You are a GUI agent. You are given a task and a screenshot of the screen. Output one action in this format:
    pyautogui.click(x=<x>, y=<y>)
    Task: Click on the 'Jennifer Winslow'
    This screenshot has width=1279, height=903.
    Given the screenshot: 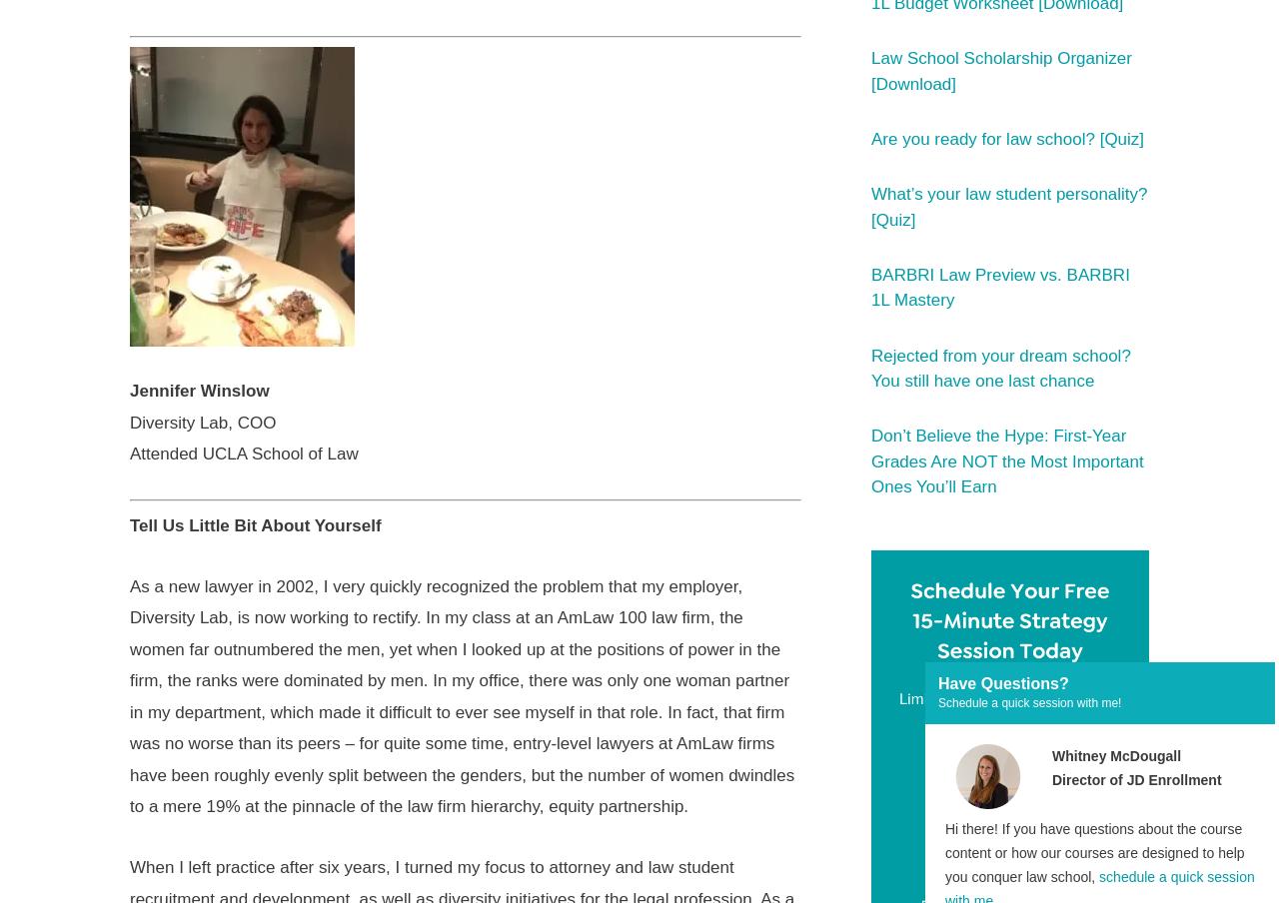 What is the action you would take?
    pyautogui.click(x=199, y=390)
    